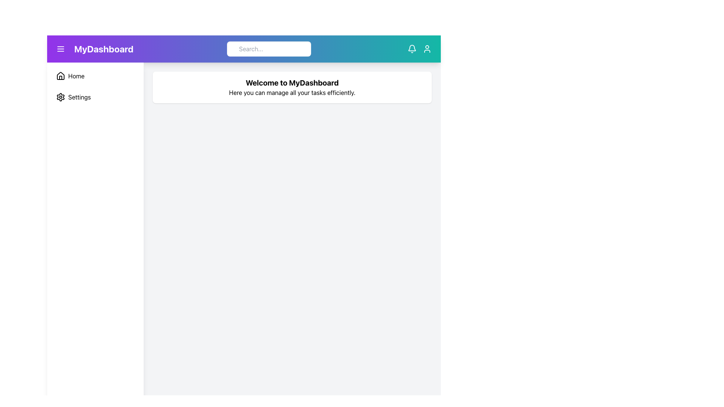 This screenshot has width=724, height=407. Describe the element at coordinates (95, 86) in the screenshot. I see `the 'Settings' link in the Navigation menu located on the left sidebar near the top-left corner of the application` at that location.